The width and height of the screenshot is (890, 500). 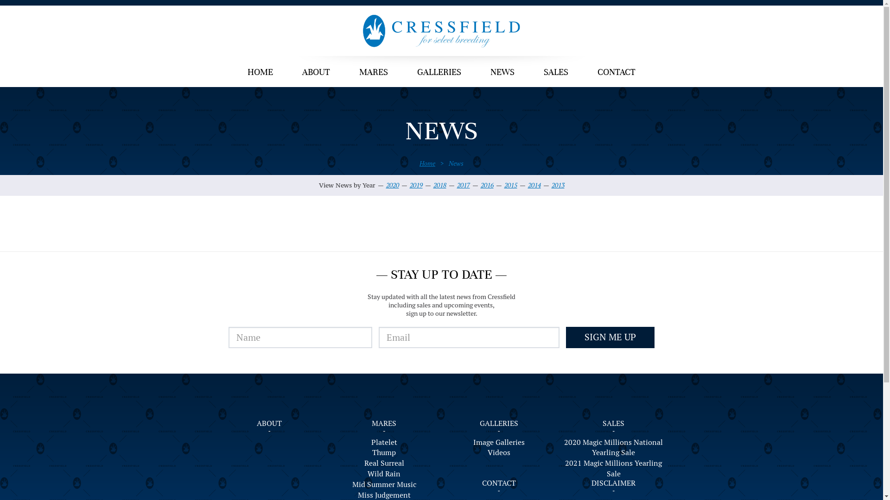 I want to click on 'Mid Summer Music', so click(x=384, y=484).